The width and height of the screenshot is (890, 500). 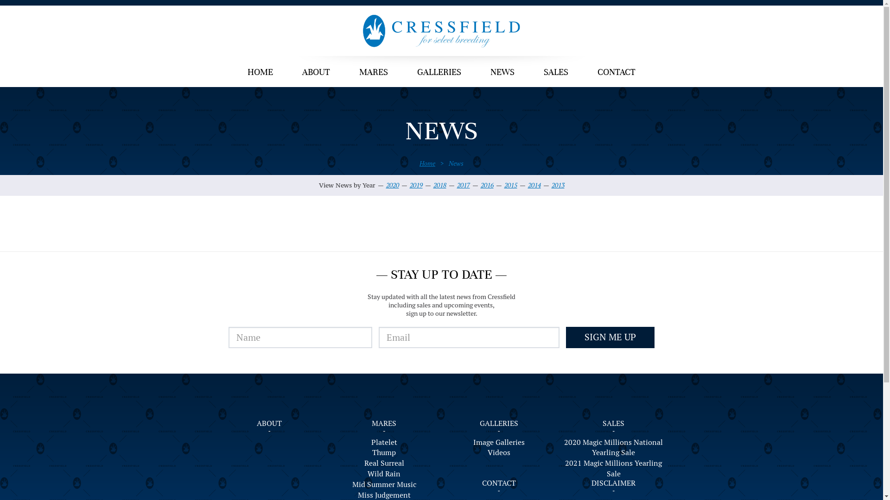 I want to click on 'Mid Summer Music', so click(x=384, y=484).